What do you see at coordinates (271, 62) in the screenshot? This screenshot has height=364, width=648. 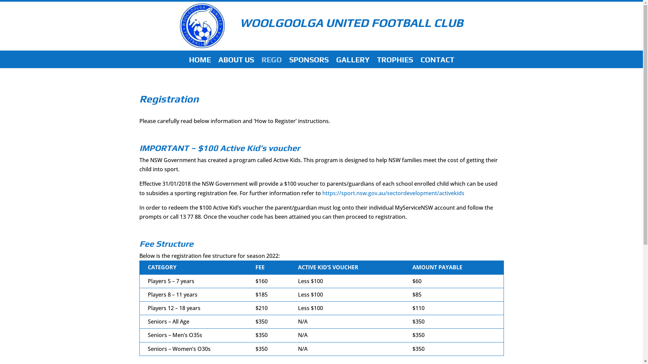 I see `'REGO'` at bounding box center [271, 62].